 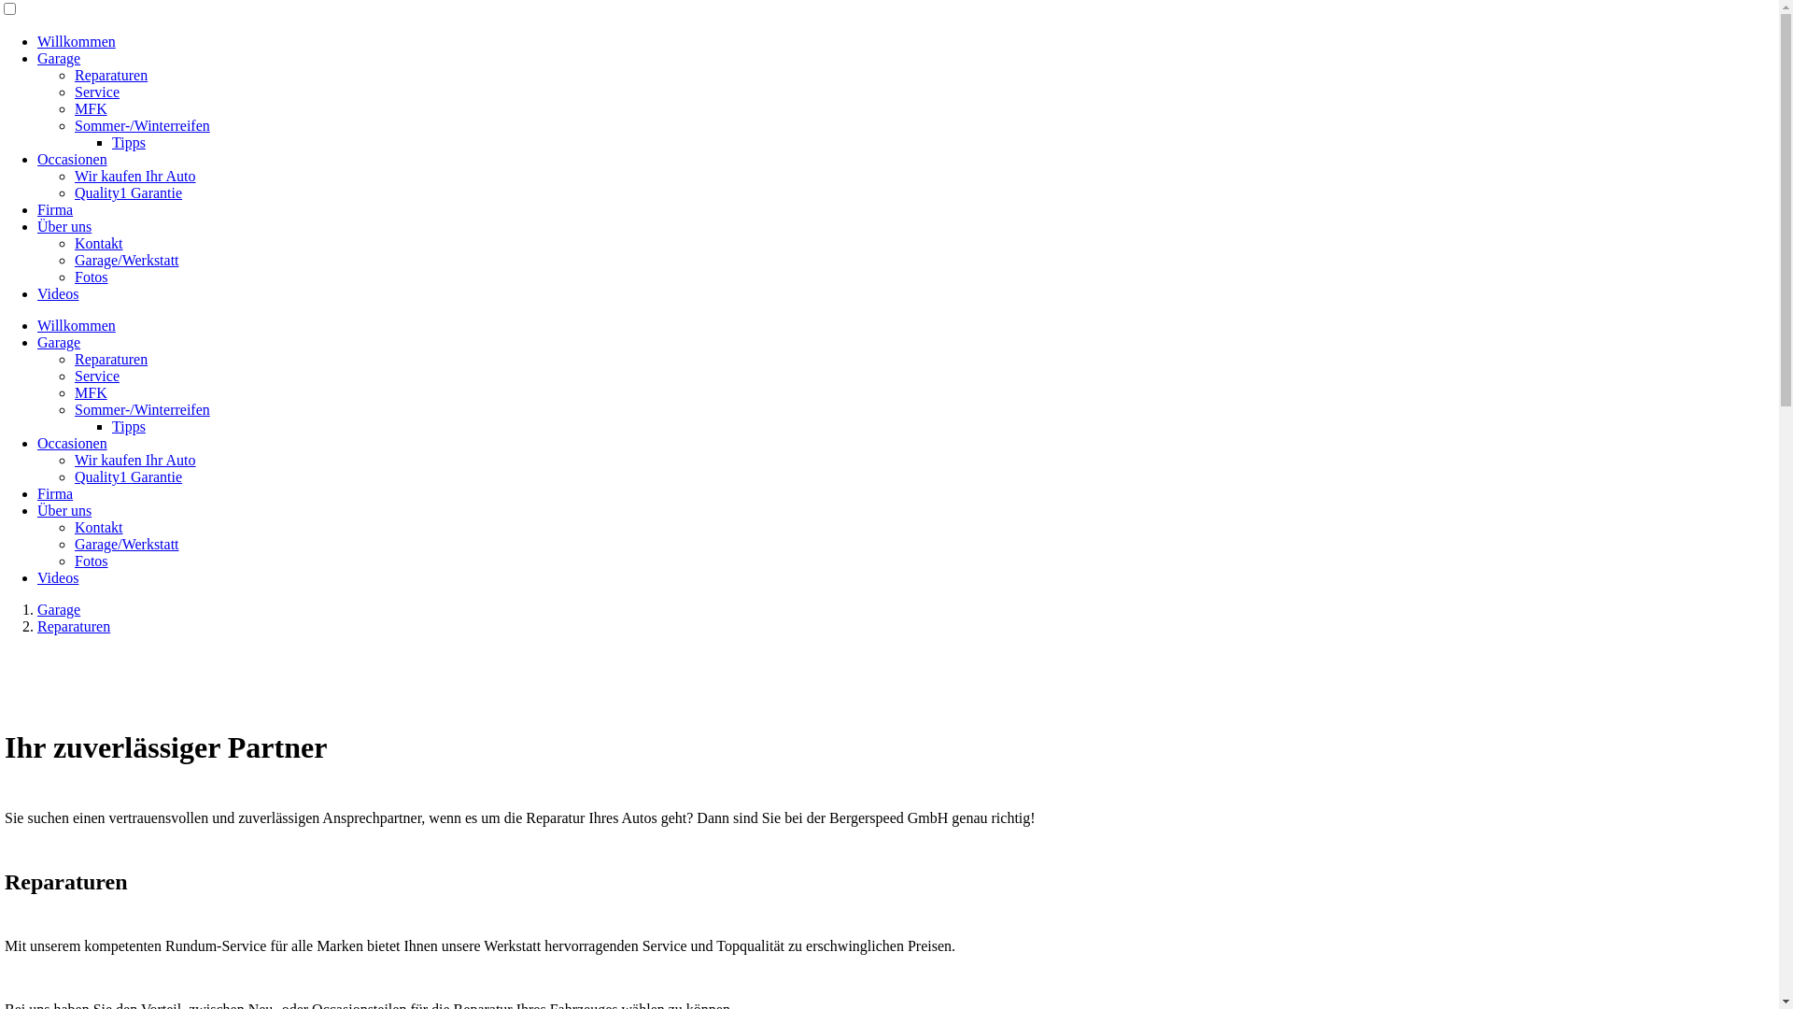 What do you see at coordinates (36, 209) in the screenshot?
I see `'Firma'` at bounding box center [36, 209].